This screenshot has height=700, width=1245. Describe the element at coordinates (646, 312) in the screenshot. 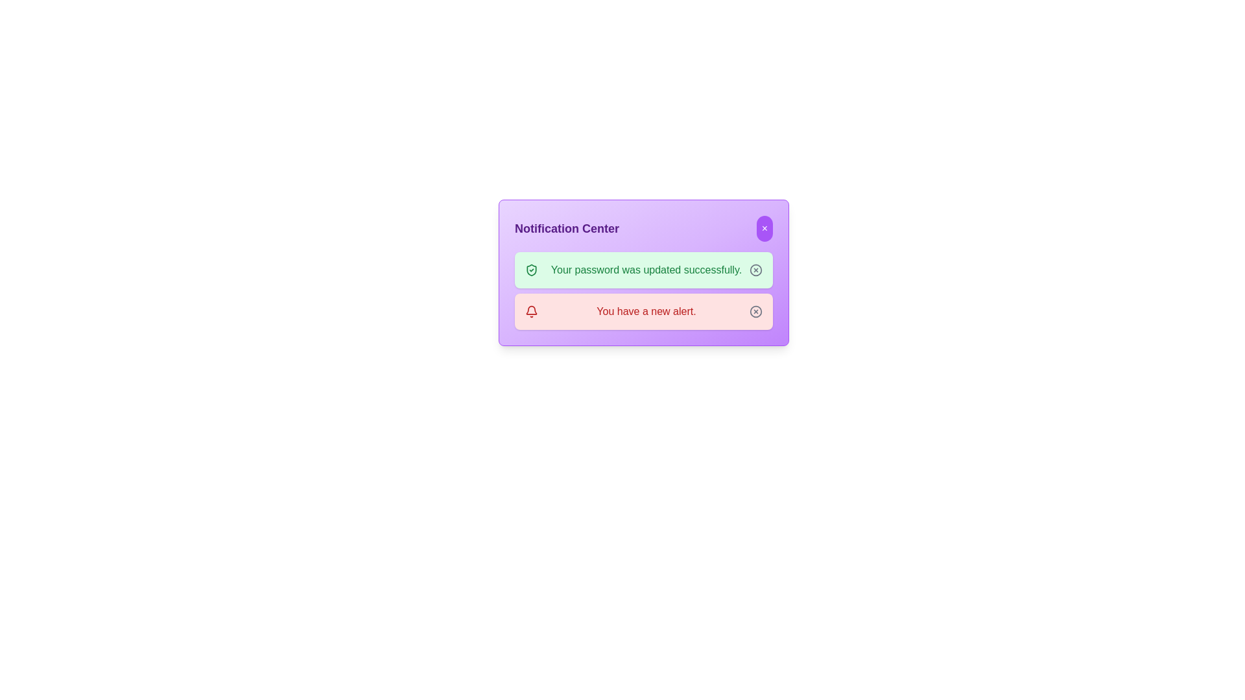

I see `the text label that provides the alert message in the lower notification box of the 'Notification Center', positioned to the right of the bell icon` at that location.